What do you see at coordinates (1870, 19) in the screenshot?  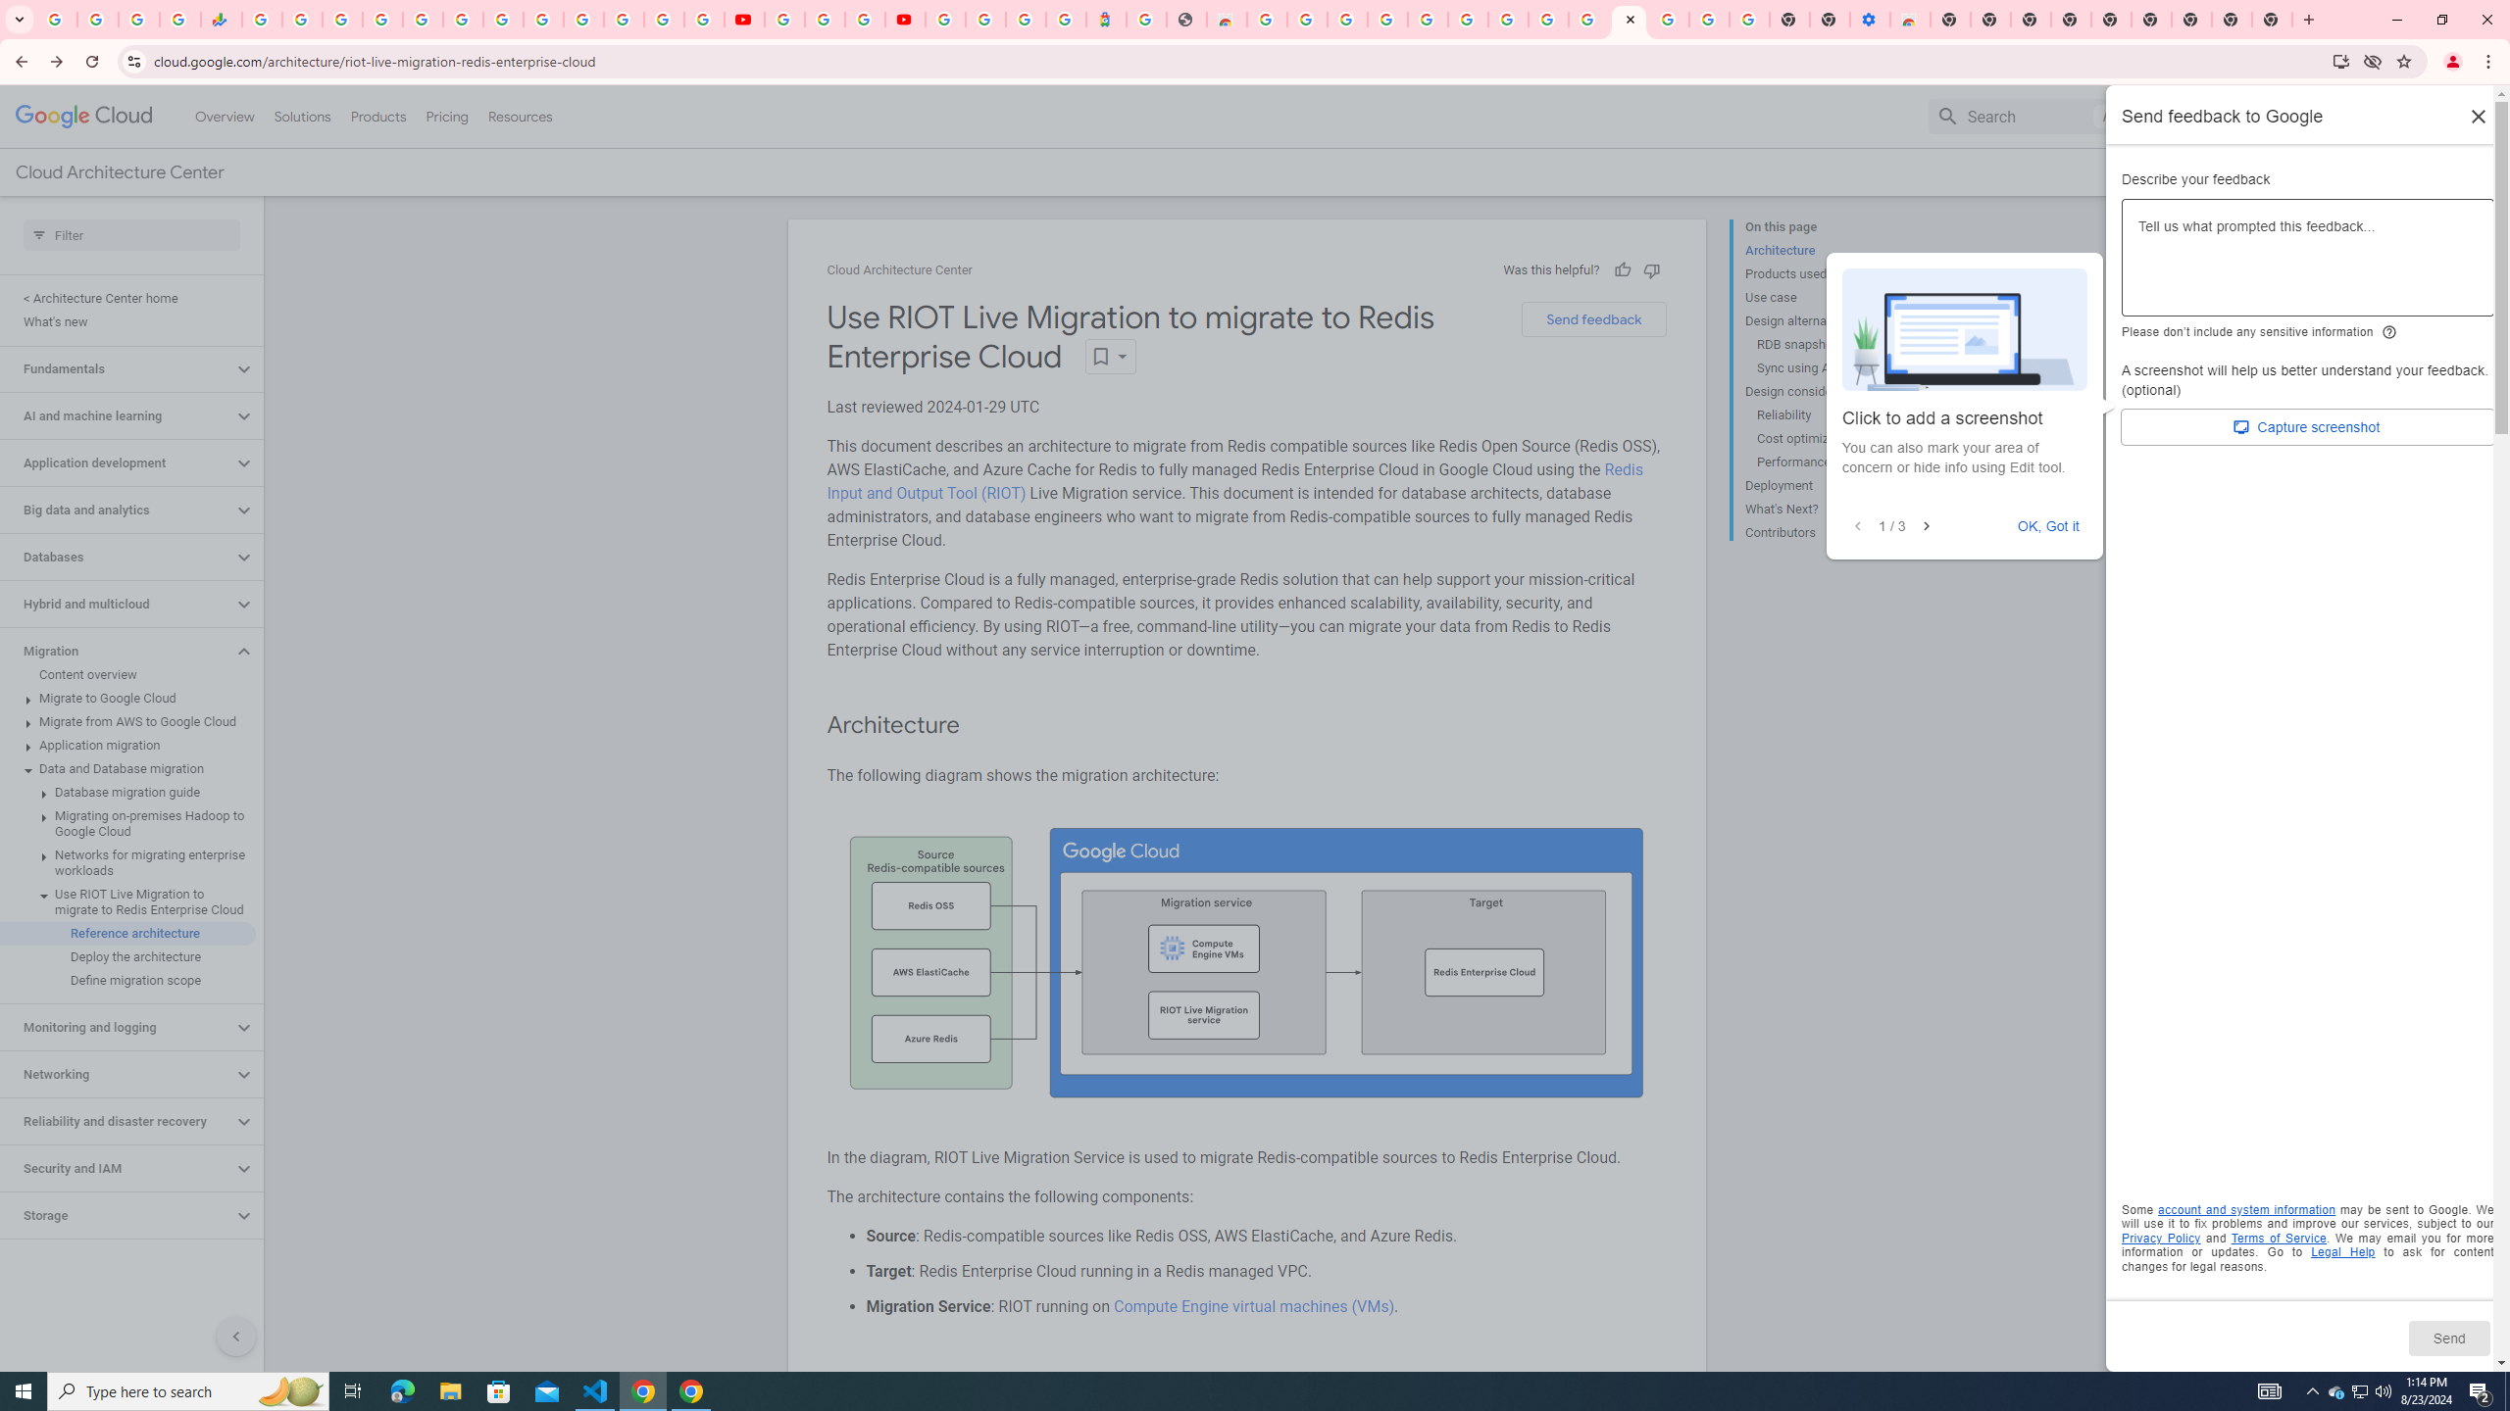 I see `'Settings - Accessibility'` at bounding box center [1870, 19].